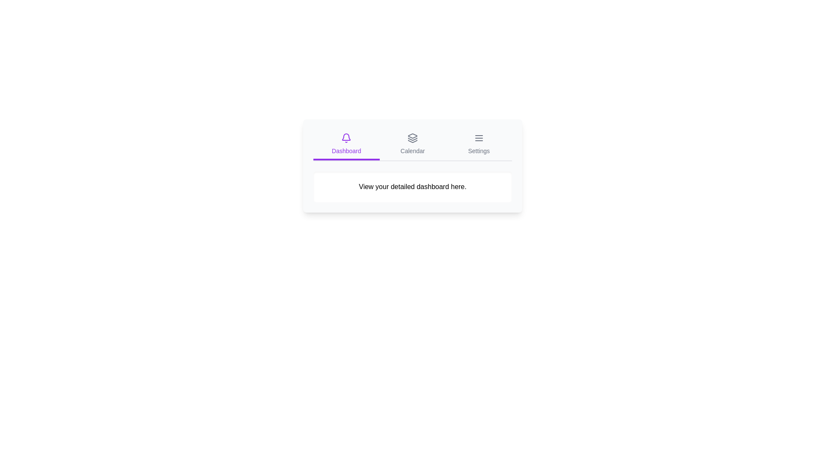 Image resolution: width=822 pixels, height=462 pixels. I want to click on the tab labeled Dashboard to inspect its icon and text, so click(346, 145).